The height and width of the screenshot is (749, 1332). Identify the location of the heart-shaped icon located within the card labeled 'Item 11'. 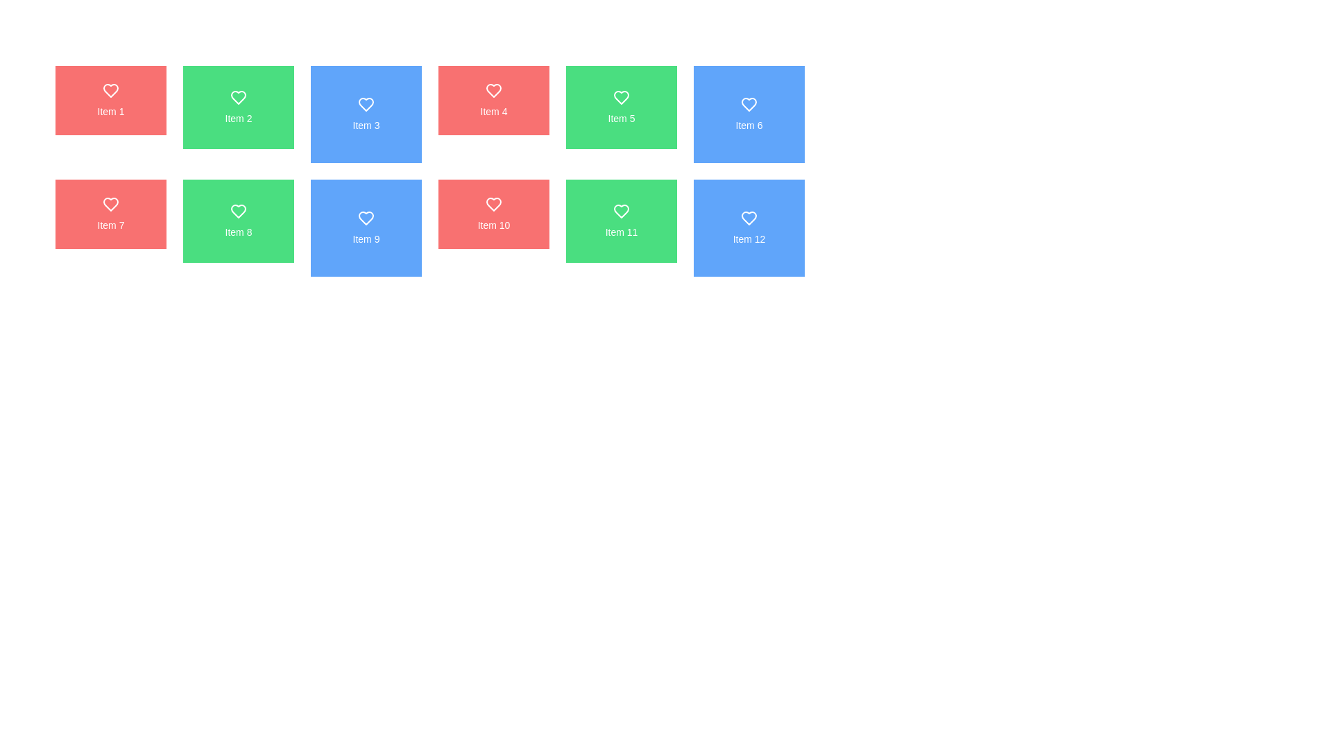
(621, 211).